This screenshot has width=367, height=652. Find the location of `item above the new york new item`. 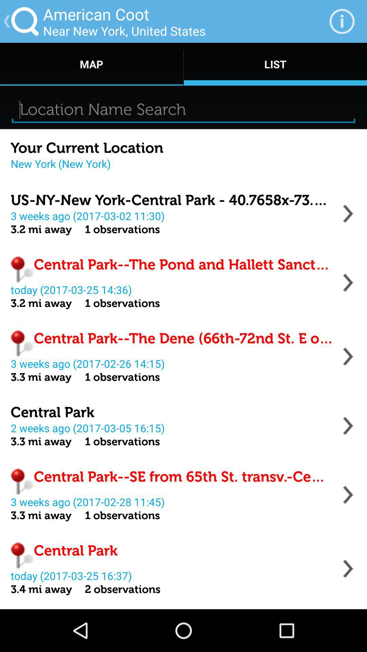

item above the new york new item is located at coordinates (87, 148).